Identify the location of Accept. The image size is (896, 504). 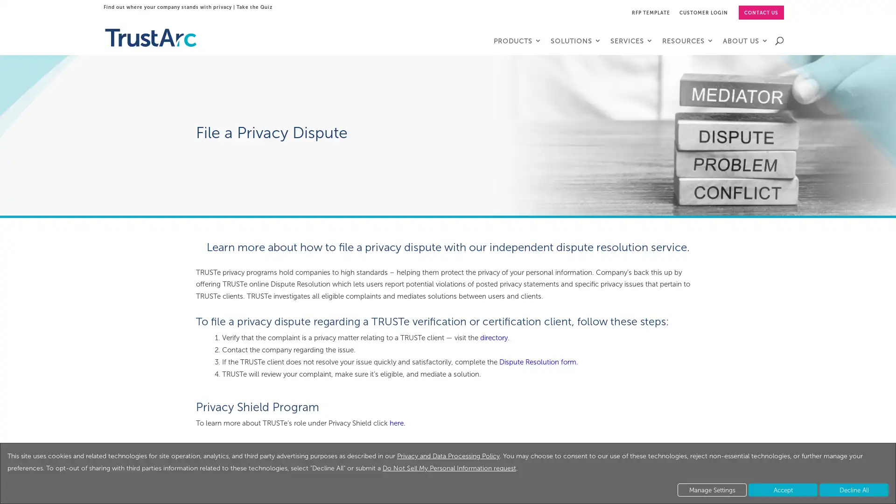
(783, 489).